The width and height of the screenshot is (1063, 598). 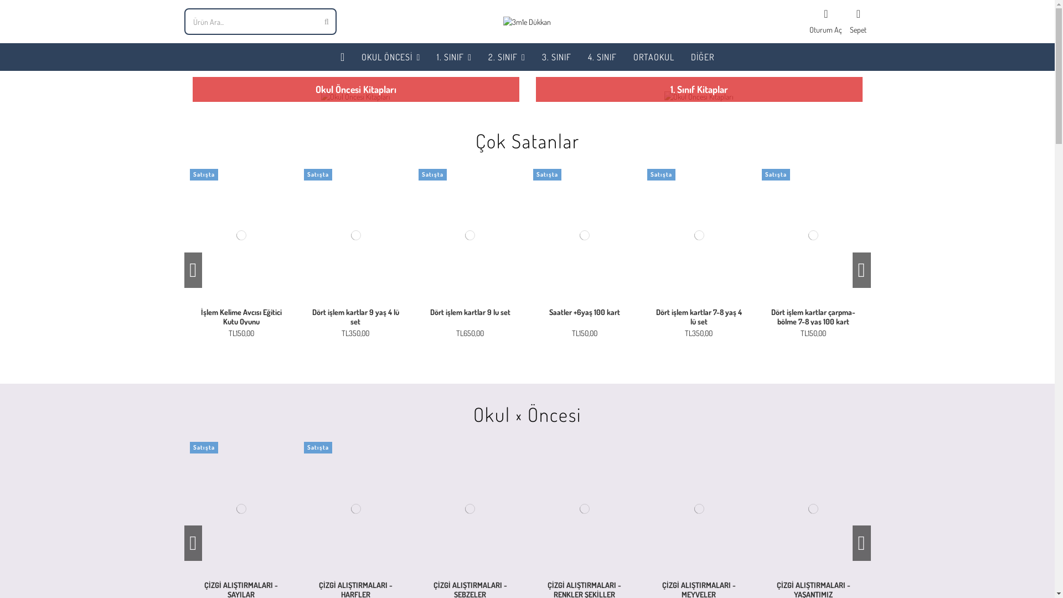 I want to click on 'Sepet', so click(x=858, y=21).